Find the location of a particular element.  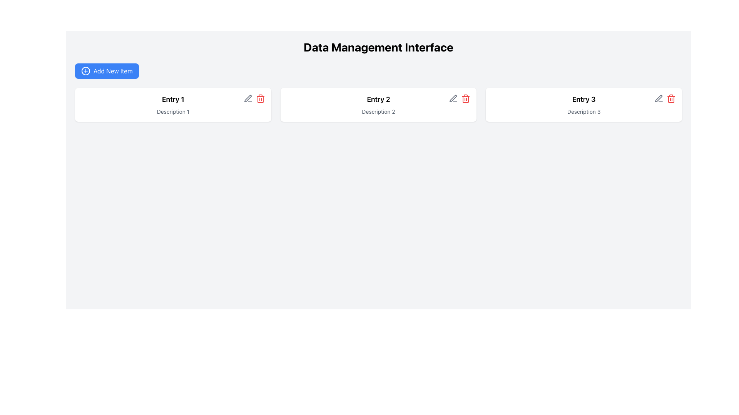

the bold text label that reads 'Entry 3', which is prominently positioned at the top of the third card in a horizontally aligned list of three cards is located at coordinates (584, 99).